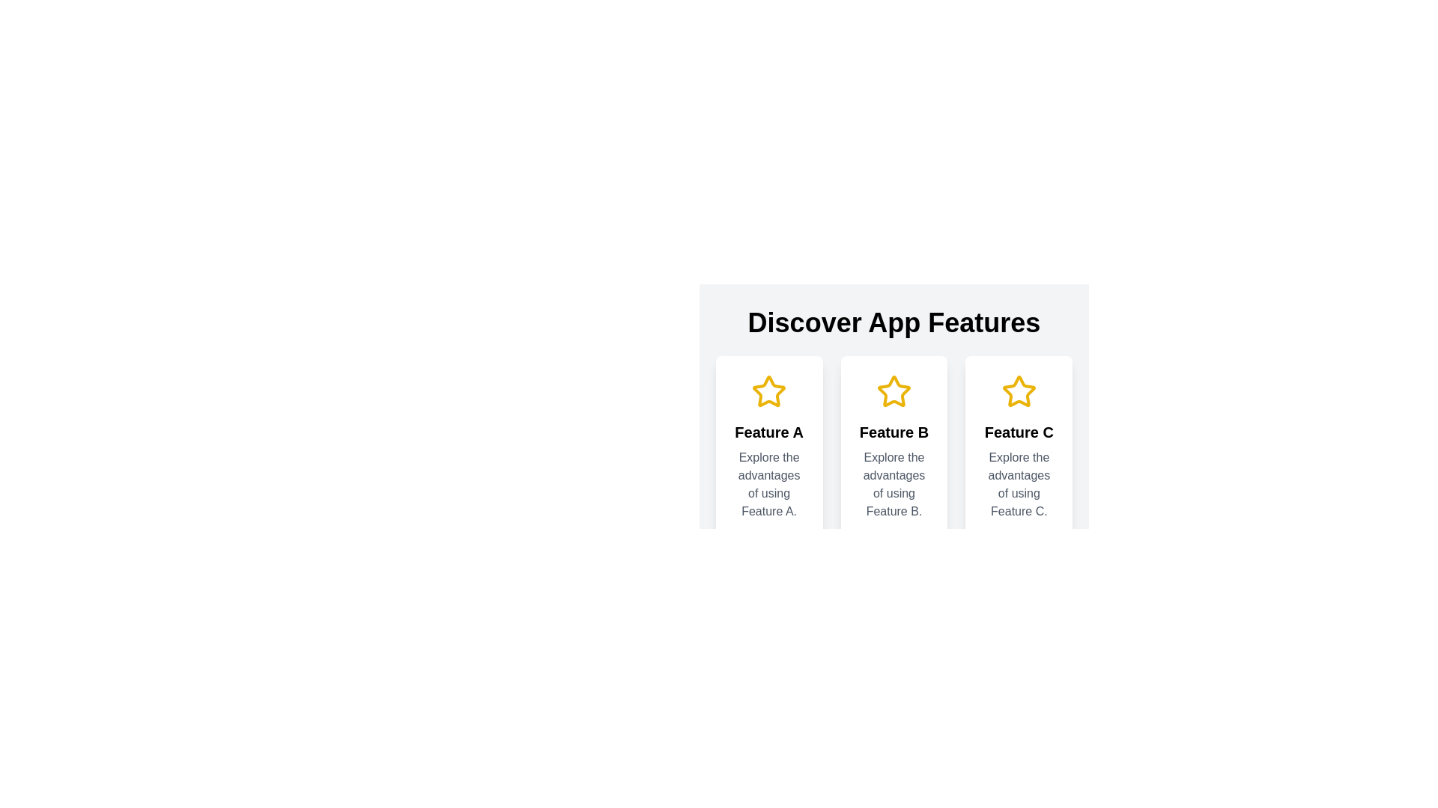  Describe the element at coordinates (894, 432) in the screenshot. I see `the text header displaying 'Feature B'` at that location.